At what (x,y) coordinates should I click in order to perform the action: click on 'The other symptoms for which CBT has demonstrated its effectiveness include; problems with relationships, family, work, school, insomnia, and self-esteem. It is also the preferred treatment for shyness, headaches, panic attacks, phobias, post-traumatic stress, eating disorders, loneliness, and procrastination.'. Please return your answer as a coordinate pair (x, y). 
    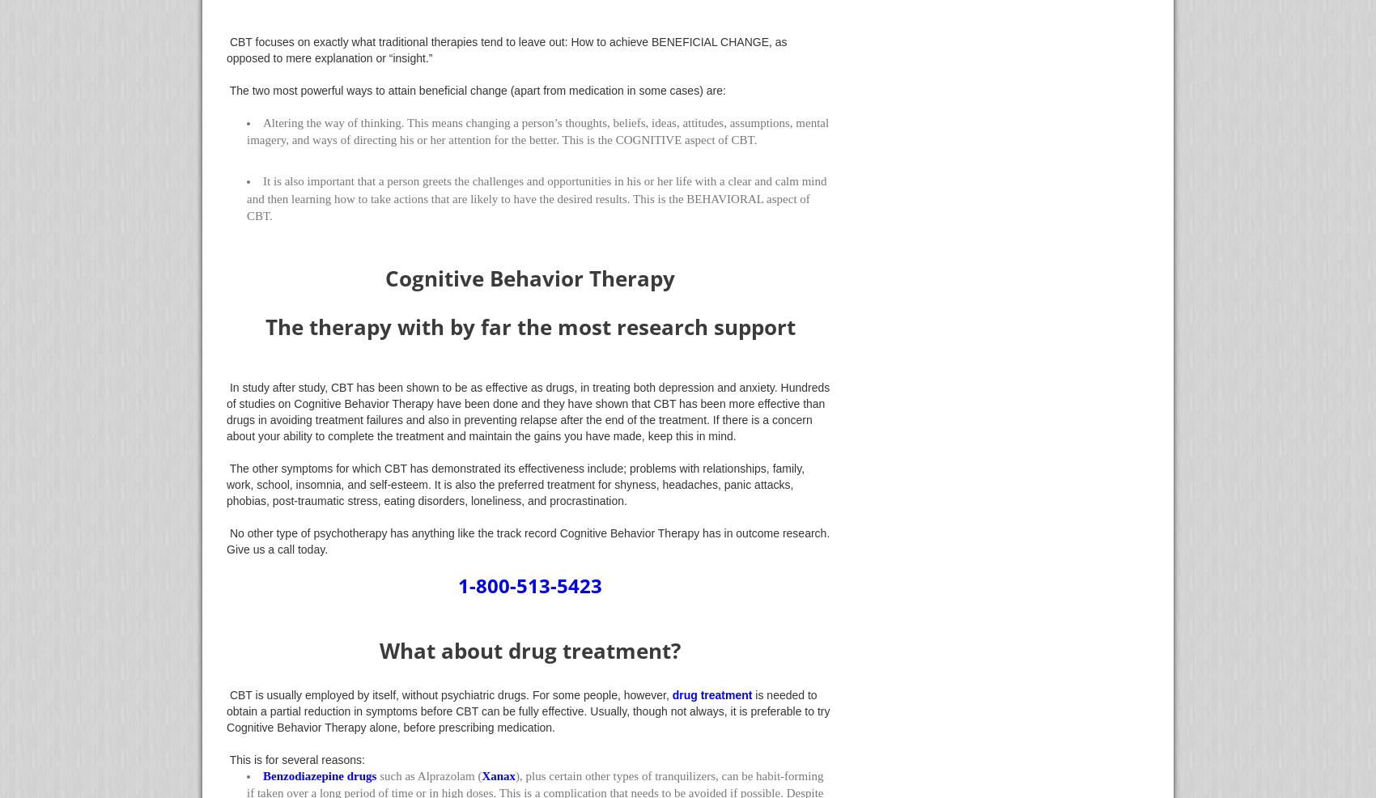
    Looking at the image, I should click on (514, 484).